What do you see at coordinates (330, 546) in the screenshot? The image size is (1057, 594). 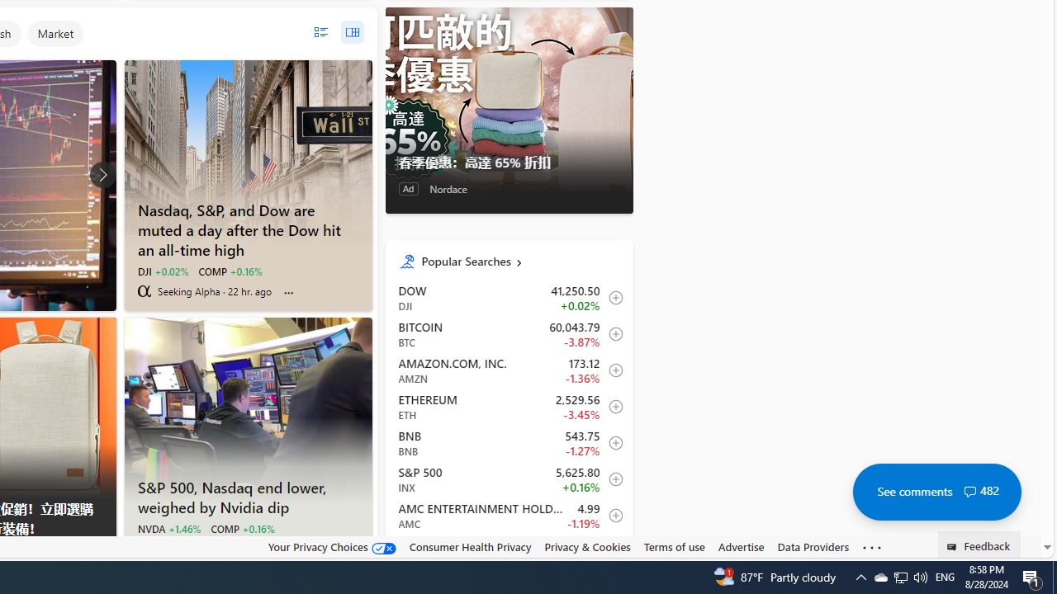 I see `'Your Privacy Choices'` at bounding box center [330, 546].